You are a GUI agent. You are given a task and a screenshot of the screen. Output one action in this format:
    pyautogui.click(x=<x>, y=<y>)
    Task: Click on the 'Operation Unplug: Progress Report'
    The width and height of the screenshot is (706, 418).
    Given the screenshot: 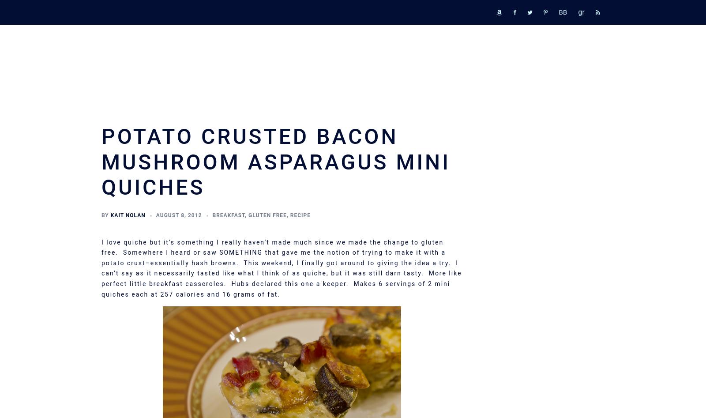 What is the action you would take?
    pyautogui.click(x=184, y=110)
    